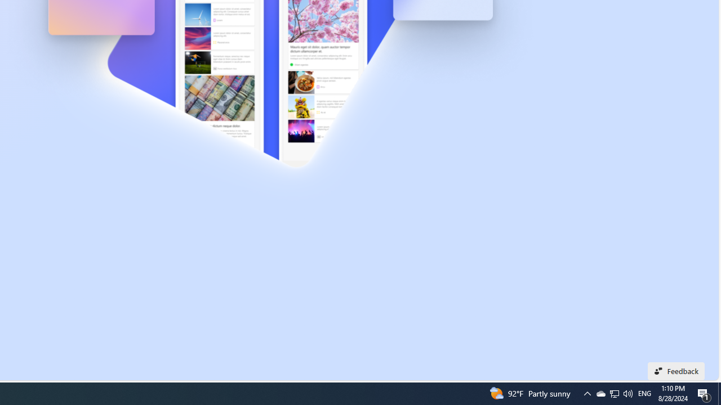 The width and height of the screenshot is (721, 405). Describe the element at coordinates (676, 371) in the screenshot. I see `'Feedback'` at that location.